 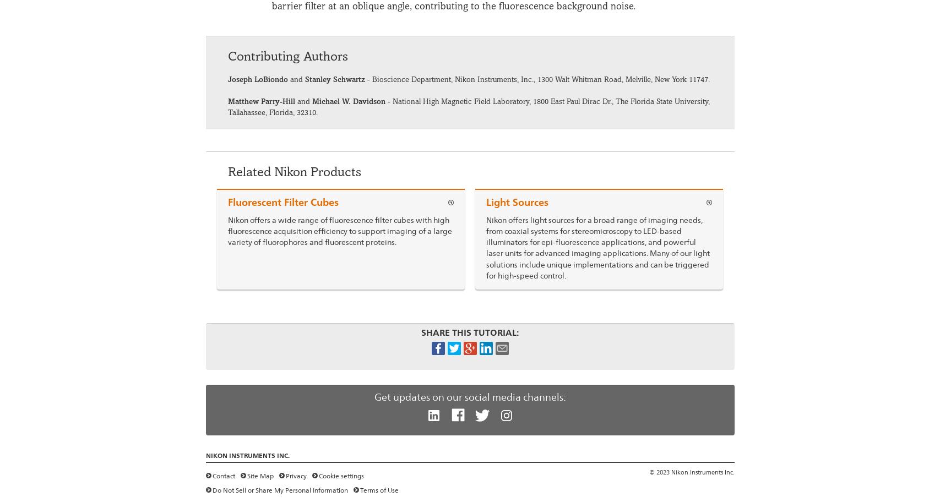 I want to click on 'Do Not Sell or Share My Personal Information', so click(x=280, y=489).